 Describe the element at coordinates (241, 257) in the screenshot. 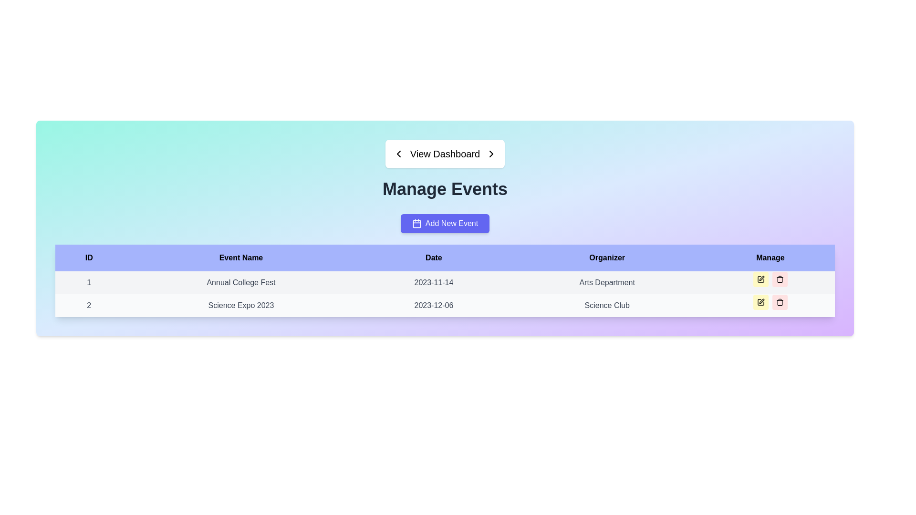

I see `the 'Event Name' text label in the table header` at that location.